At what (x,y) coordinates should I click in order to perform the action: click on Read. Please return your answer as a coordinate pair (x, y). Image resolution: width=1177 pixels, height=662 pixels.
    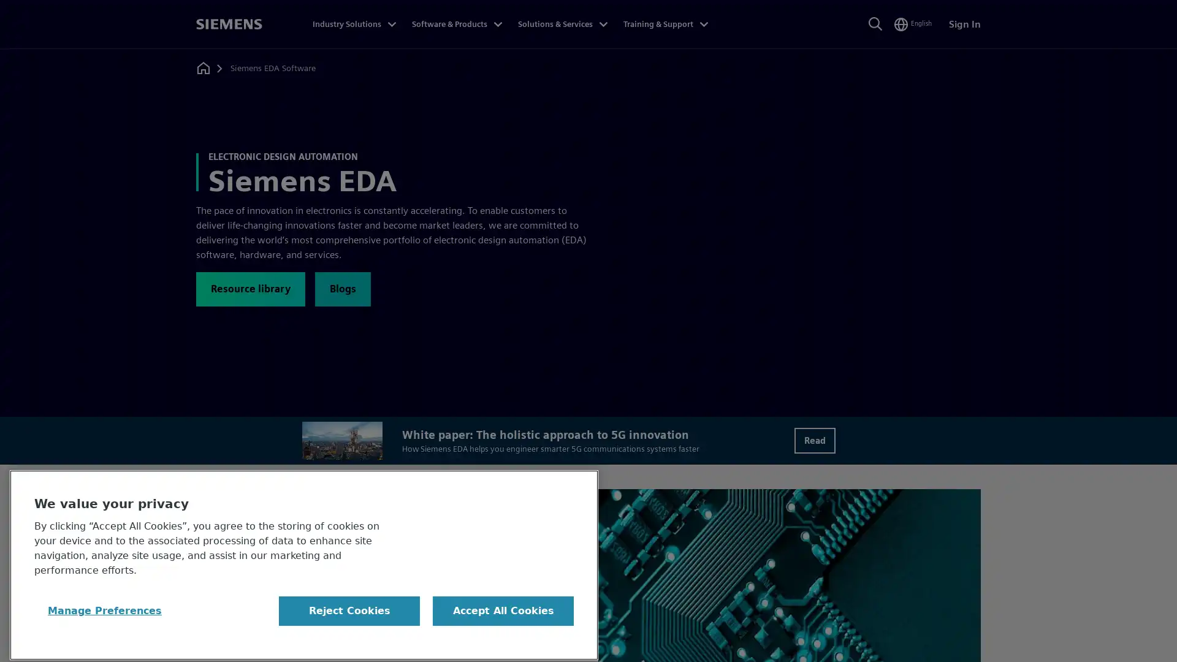
    Looking at the image, I should click on (815, 439).